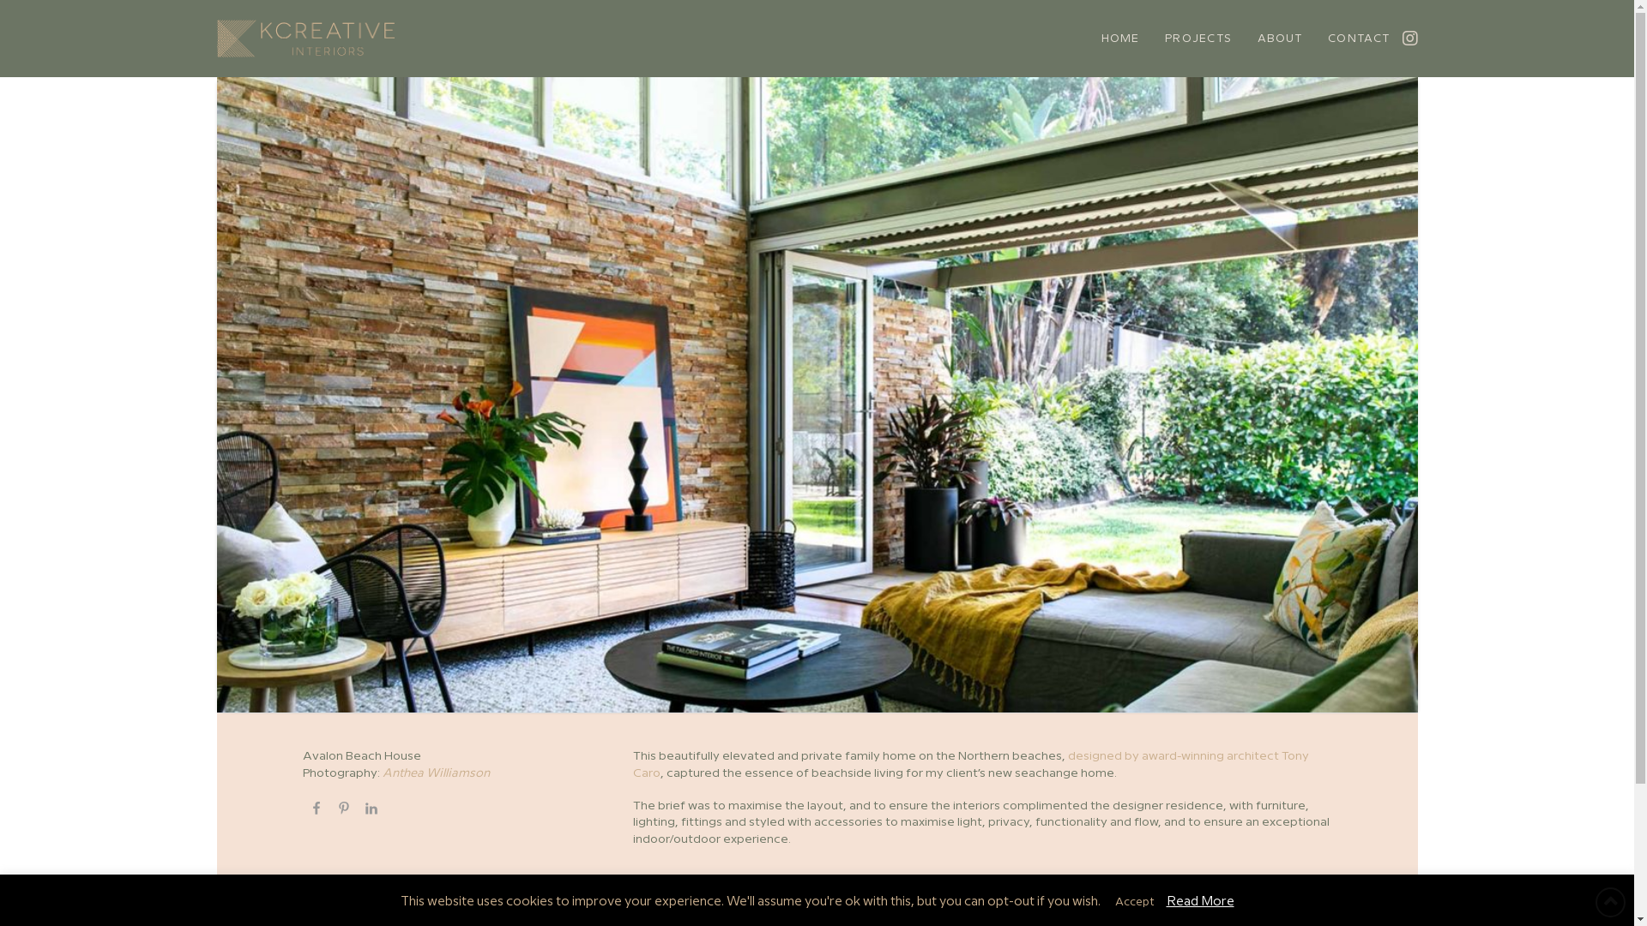 This screenshot has width=1647, height=926. I want to click on 'PROJECTS', so click(1197, 39).